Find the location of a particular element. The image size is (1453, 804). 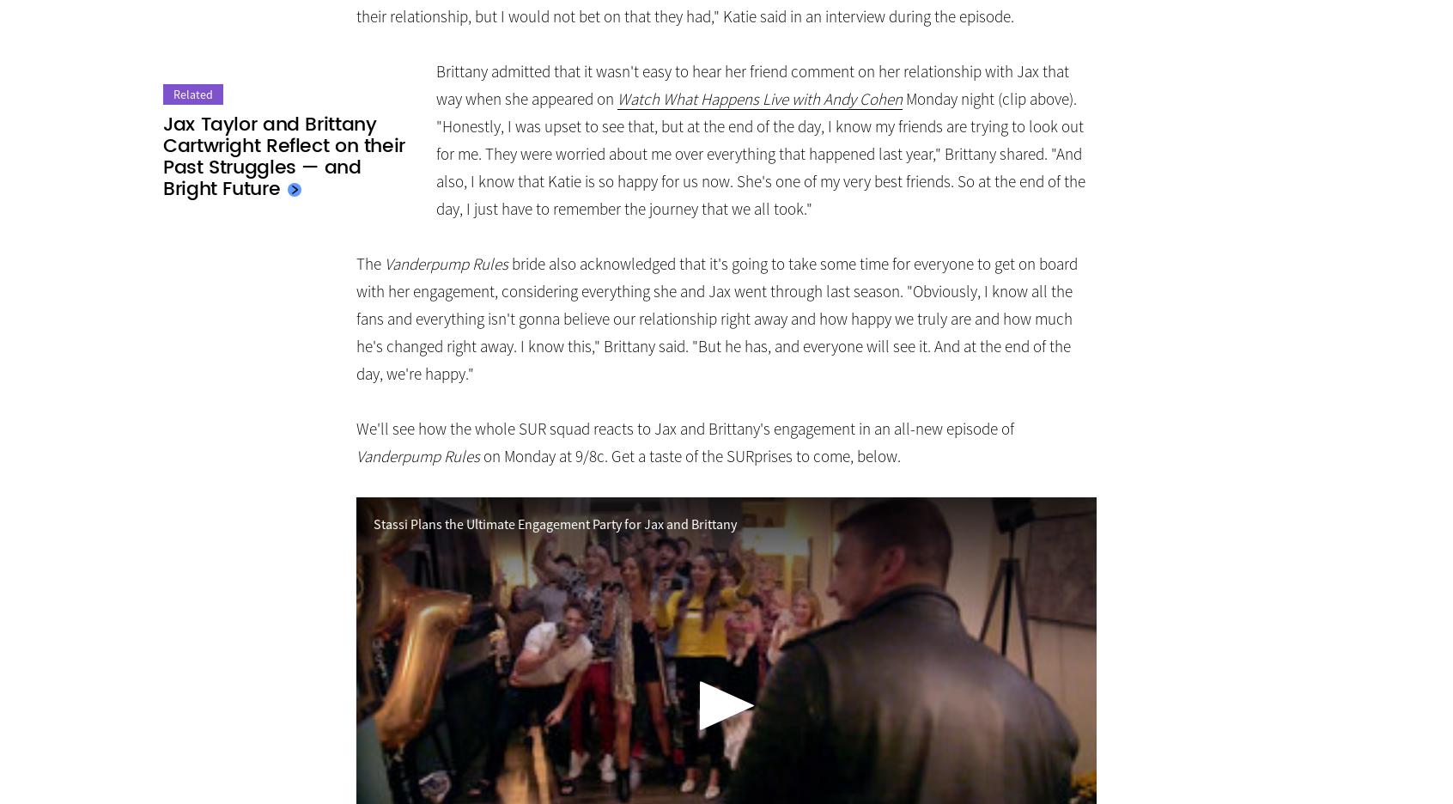

'bride also acknowledged that it's going to take some time for everyone to get on board with her engagement, considering everything she and Jax went through last season. "Obviously, I know all the fans and everything isn't gonna believe our relationship right away and how happy we truly are and how much he's changed right away. I know this," Brittany said. "But he has, and everyone will see it. And at the end of the day, we're happy."' is located at coordinates (717, 319).